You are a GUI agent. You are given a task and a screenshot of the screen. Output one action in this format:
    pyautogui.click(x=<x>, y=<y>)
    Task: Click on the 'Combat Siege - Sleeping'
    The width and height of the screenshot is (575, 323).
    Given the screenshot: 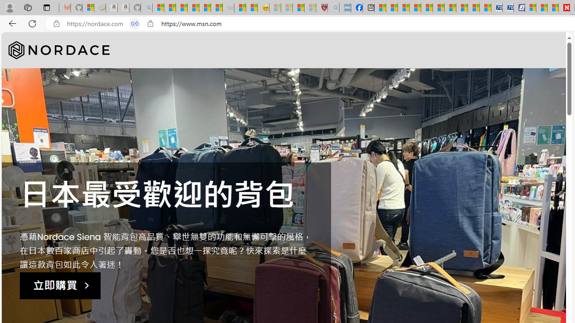 What is the action you would take?
    pyautogui.click(x=228, y=8)
    